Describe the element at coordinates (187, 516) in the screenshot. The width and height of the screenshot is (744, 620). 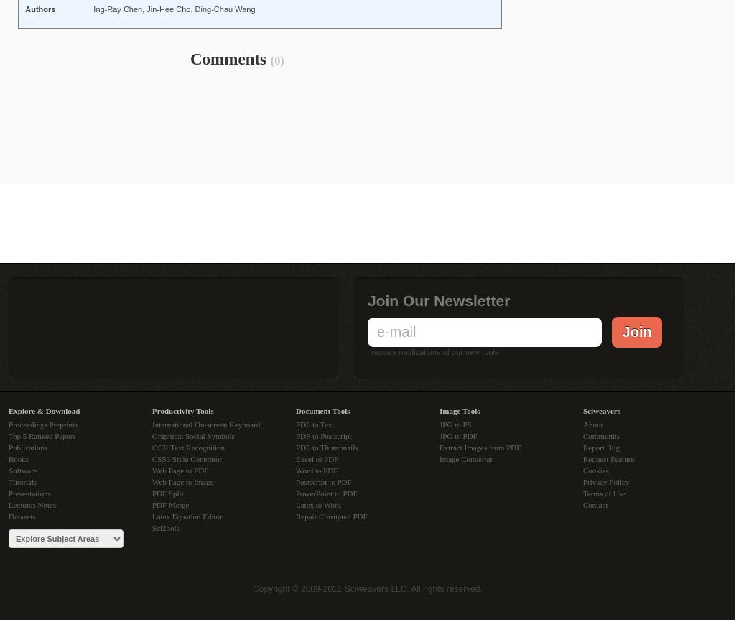
I see `'Latex Equation Editor'` at that location.